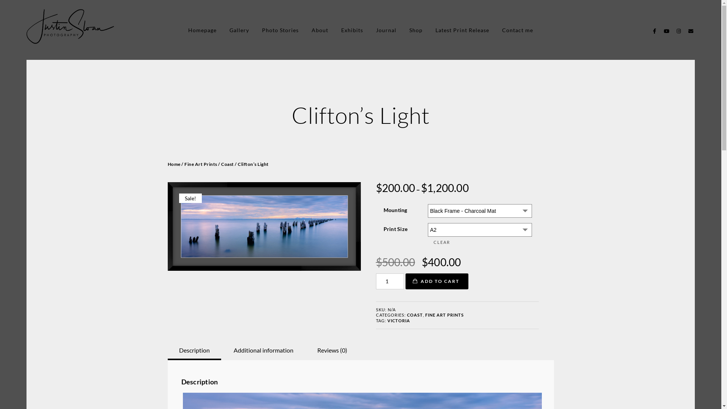 The width and height of the screenshot is (727, 409). What do you see at coordinates (239, 30) in the screenshot?
I see `'Gallery'` at bounding box center [239, 30].